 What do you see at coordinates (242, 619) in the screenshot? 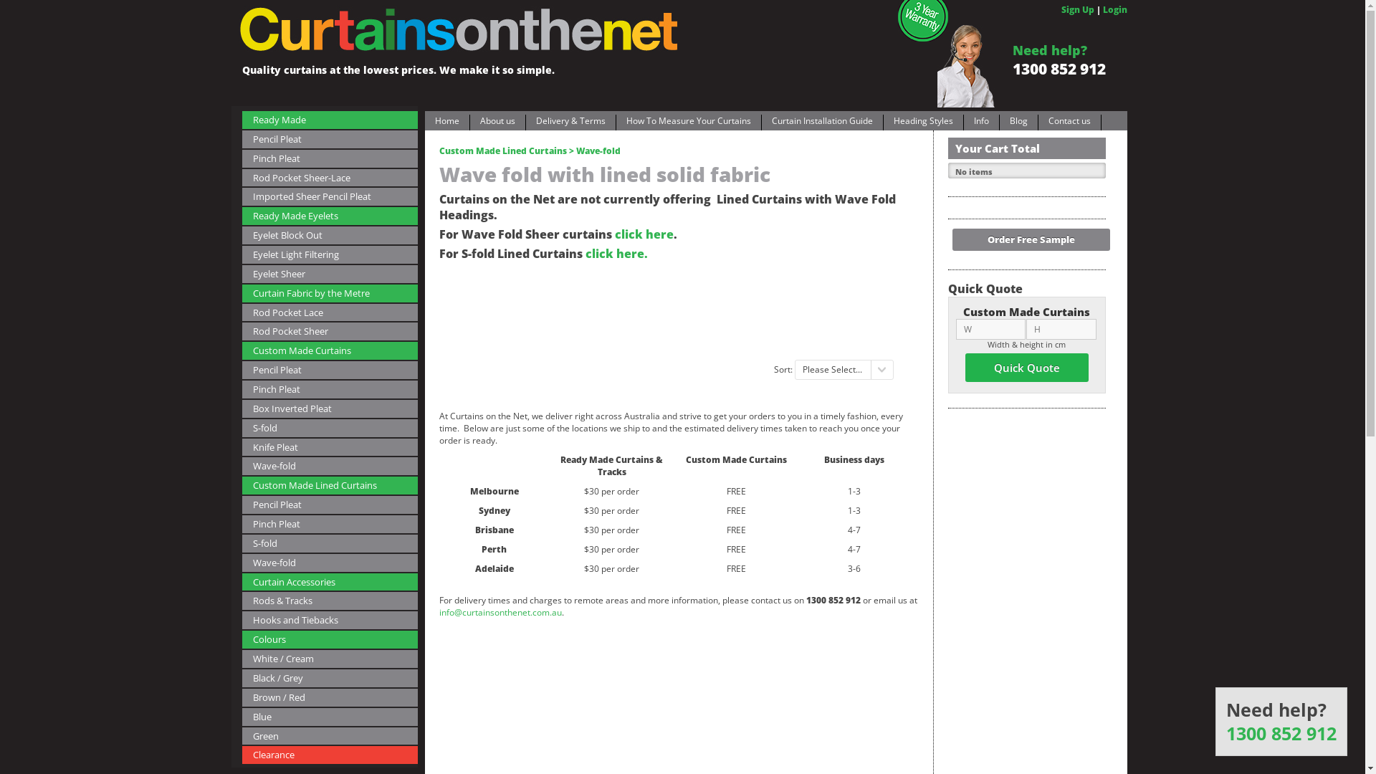
I see `'Hooks and Tiebacks'` at bounding box center [242, 619].